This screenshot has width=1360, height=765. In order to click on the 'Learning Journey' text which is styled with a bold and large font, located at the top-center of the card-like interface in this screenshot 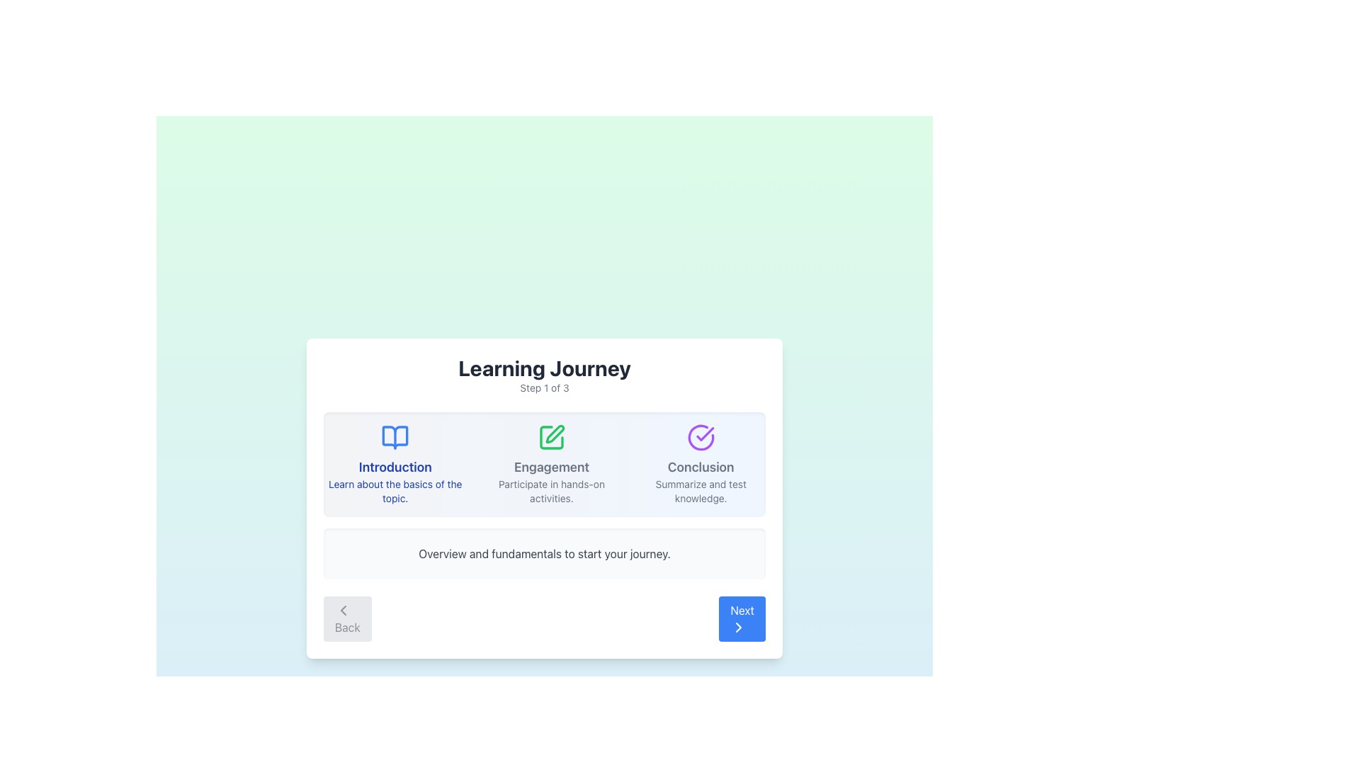, I will do `click(543, 368)`.